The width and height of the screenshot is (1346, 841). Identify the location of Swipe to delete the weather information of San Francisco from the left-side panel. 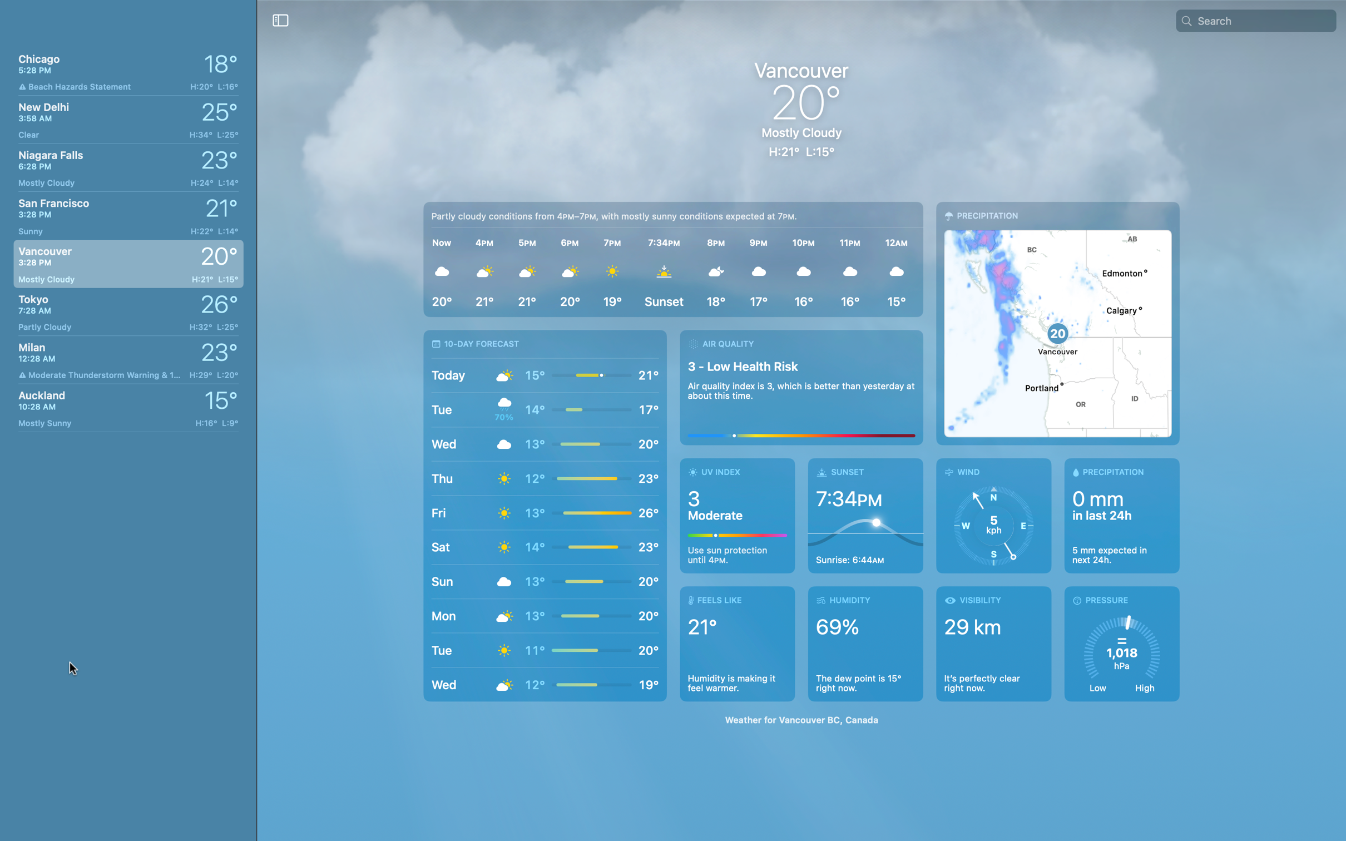
(425336, 446571).